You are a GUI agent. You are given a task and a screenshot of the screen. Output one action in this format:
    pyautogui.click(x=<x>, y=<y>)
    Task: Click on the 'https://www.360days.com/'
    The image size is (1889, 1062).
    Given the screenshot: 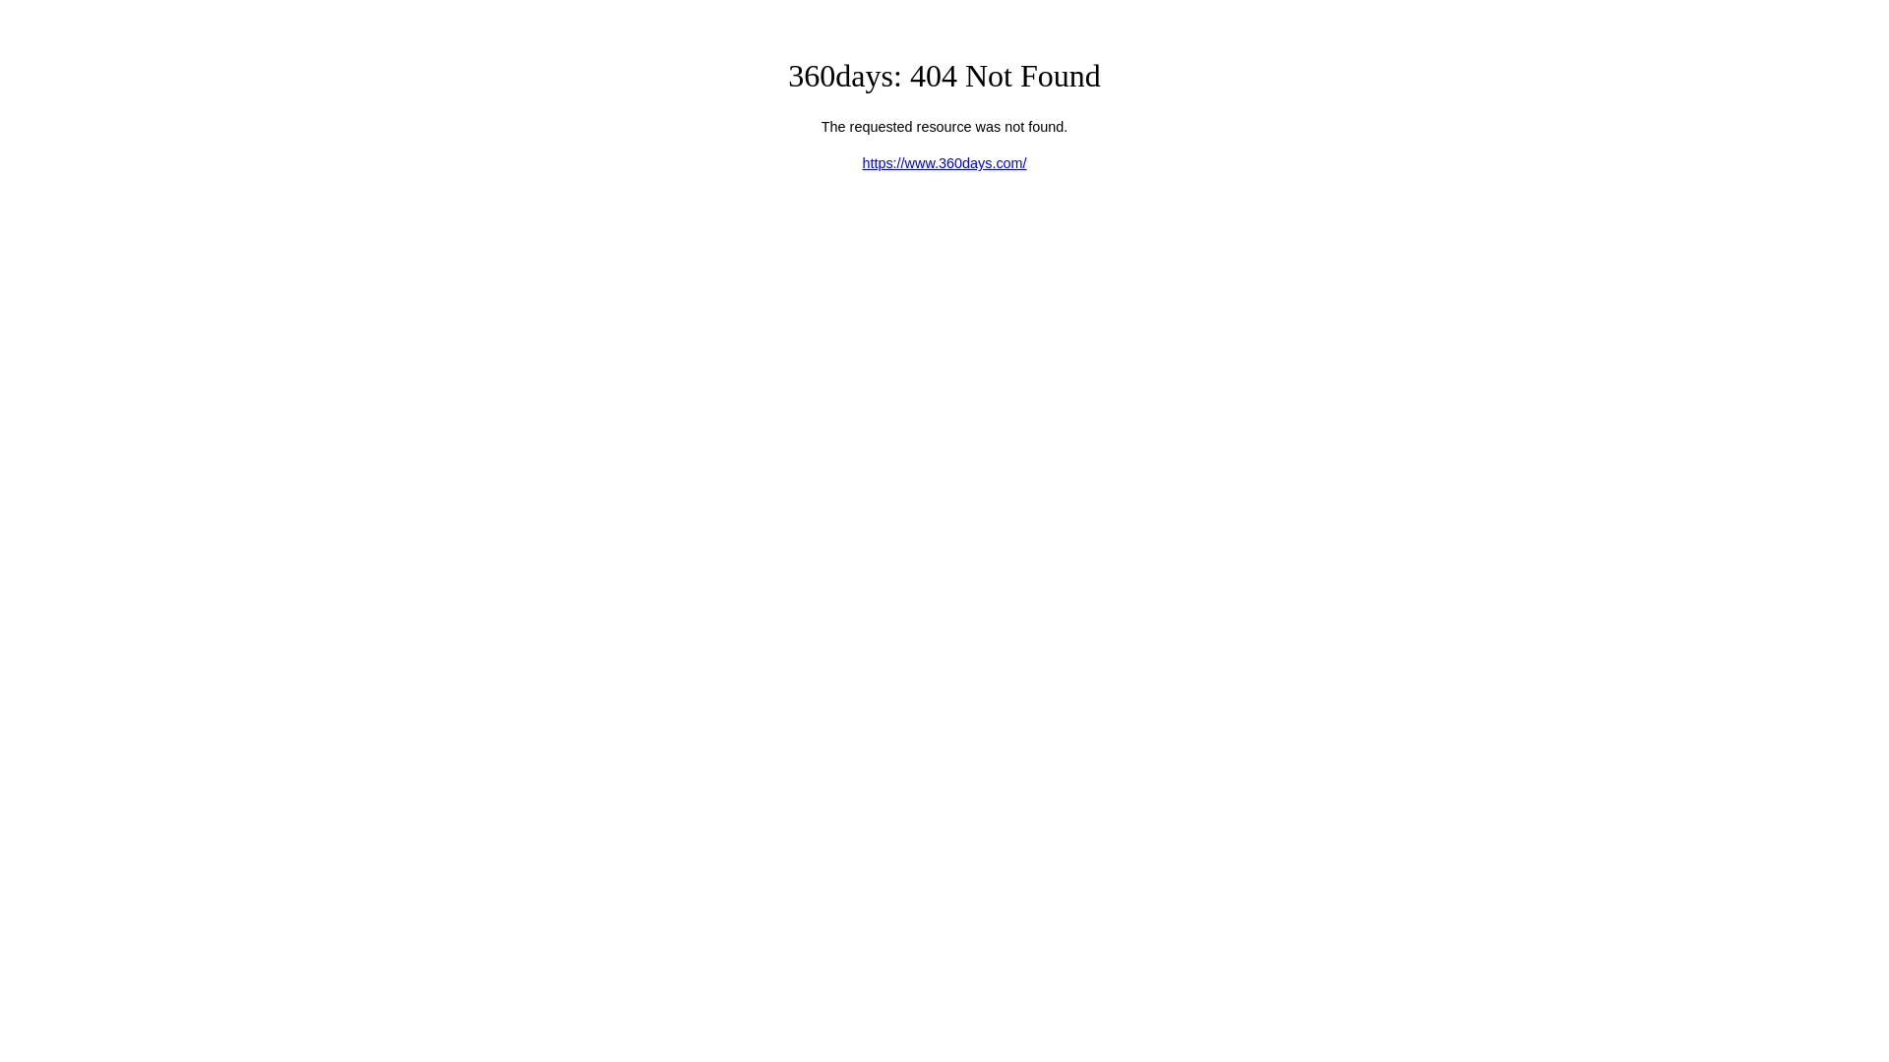 What is the action you would take?
    pyautogui.click(x=943, y=161)
    